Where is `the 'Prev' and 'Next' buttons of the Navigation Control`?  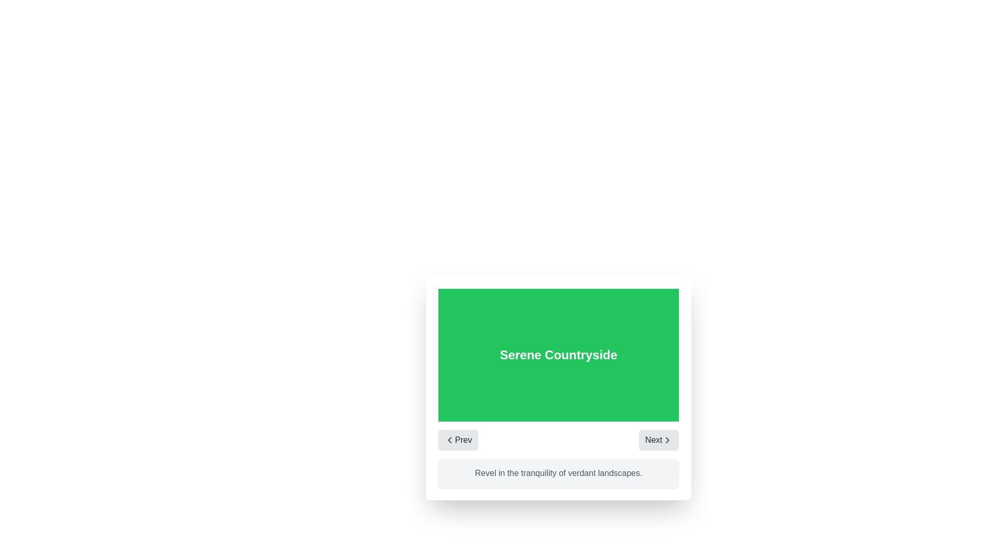 the 'Prev' and 'Next' buttons of the Navigation Control is located at coordinates (558, 440).